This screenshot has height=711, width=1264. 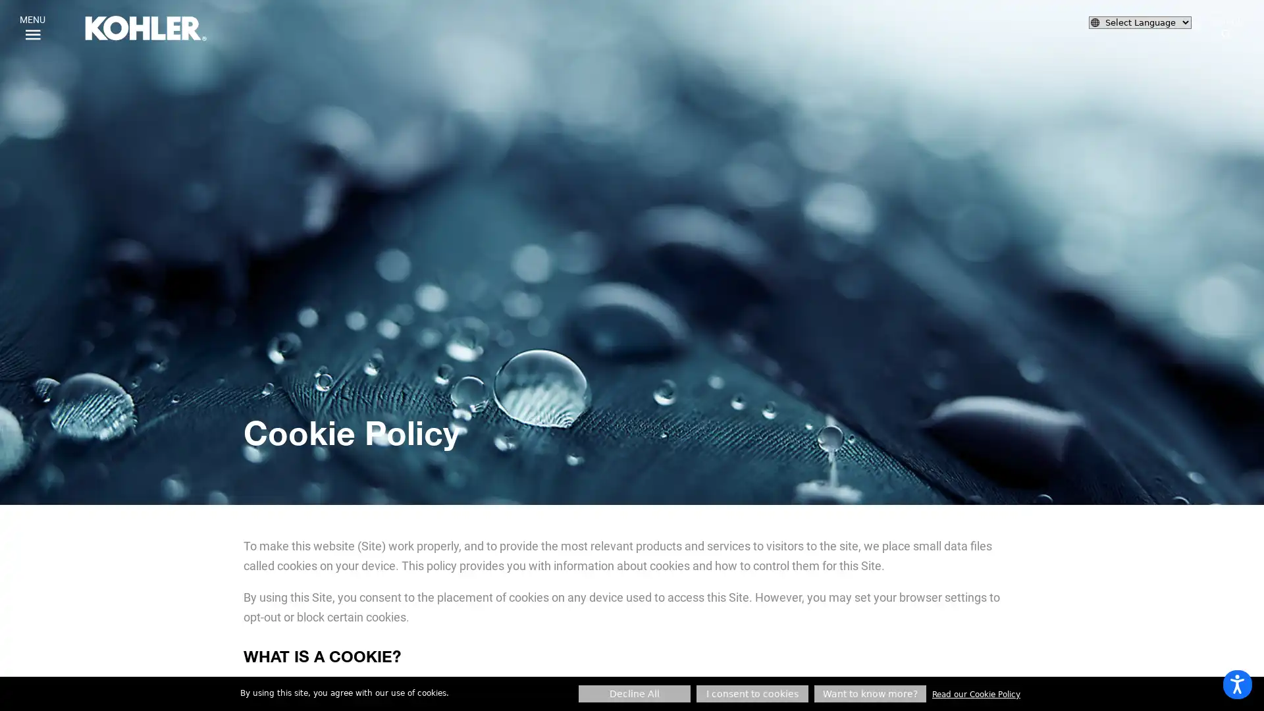 What do you see at coordinates (1235, 682) in the screenshot?
I see `Open accessibility options, statement and help` at bounding box center [1235, 682].